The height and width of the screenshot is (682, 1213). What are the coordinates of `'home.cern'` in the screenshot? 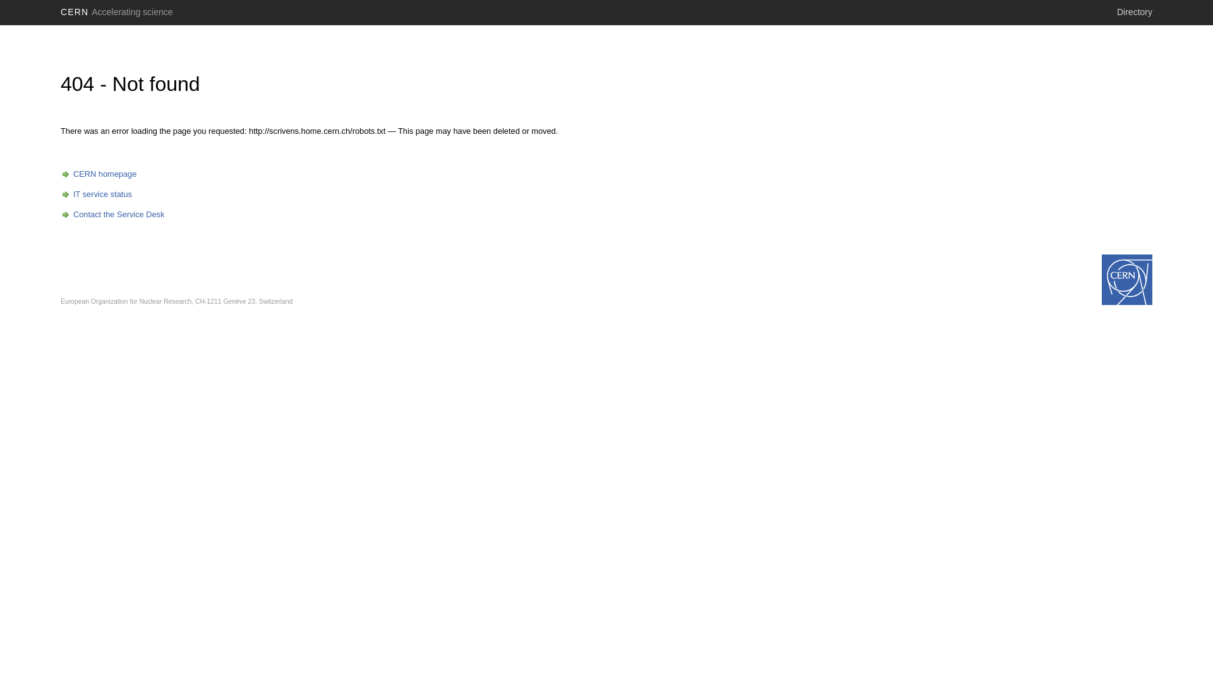 It's located at (1127, 279).